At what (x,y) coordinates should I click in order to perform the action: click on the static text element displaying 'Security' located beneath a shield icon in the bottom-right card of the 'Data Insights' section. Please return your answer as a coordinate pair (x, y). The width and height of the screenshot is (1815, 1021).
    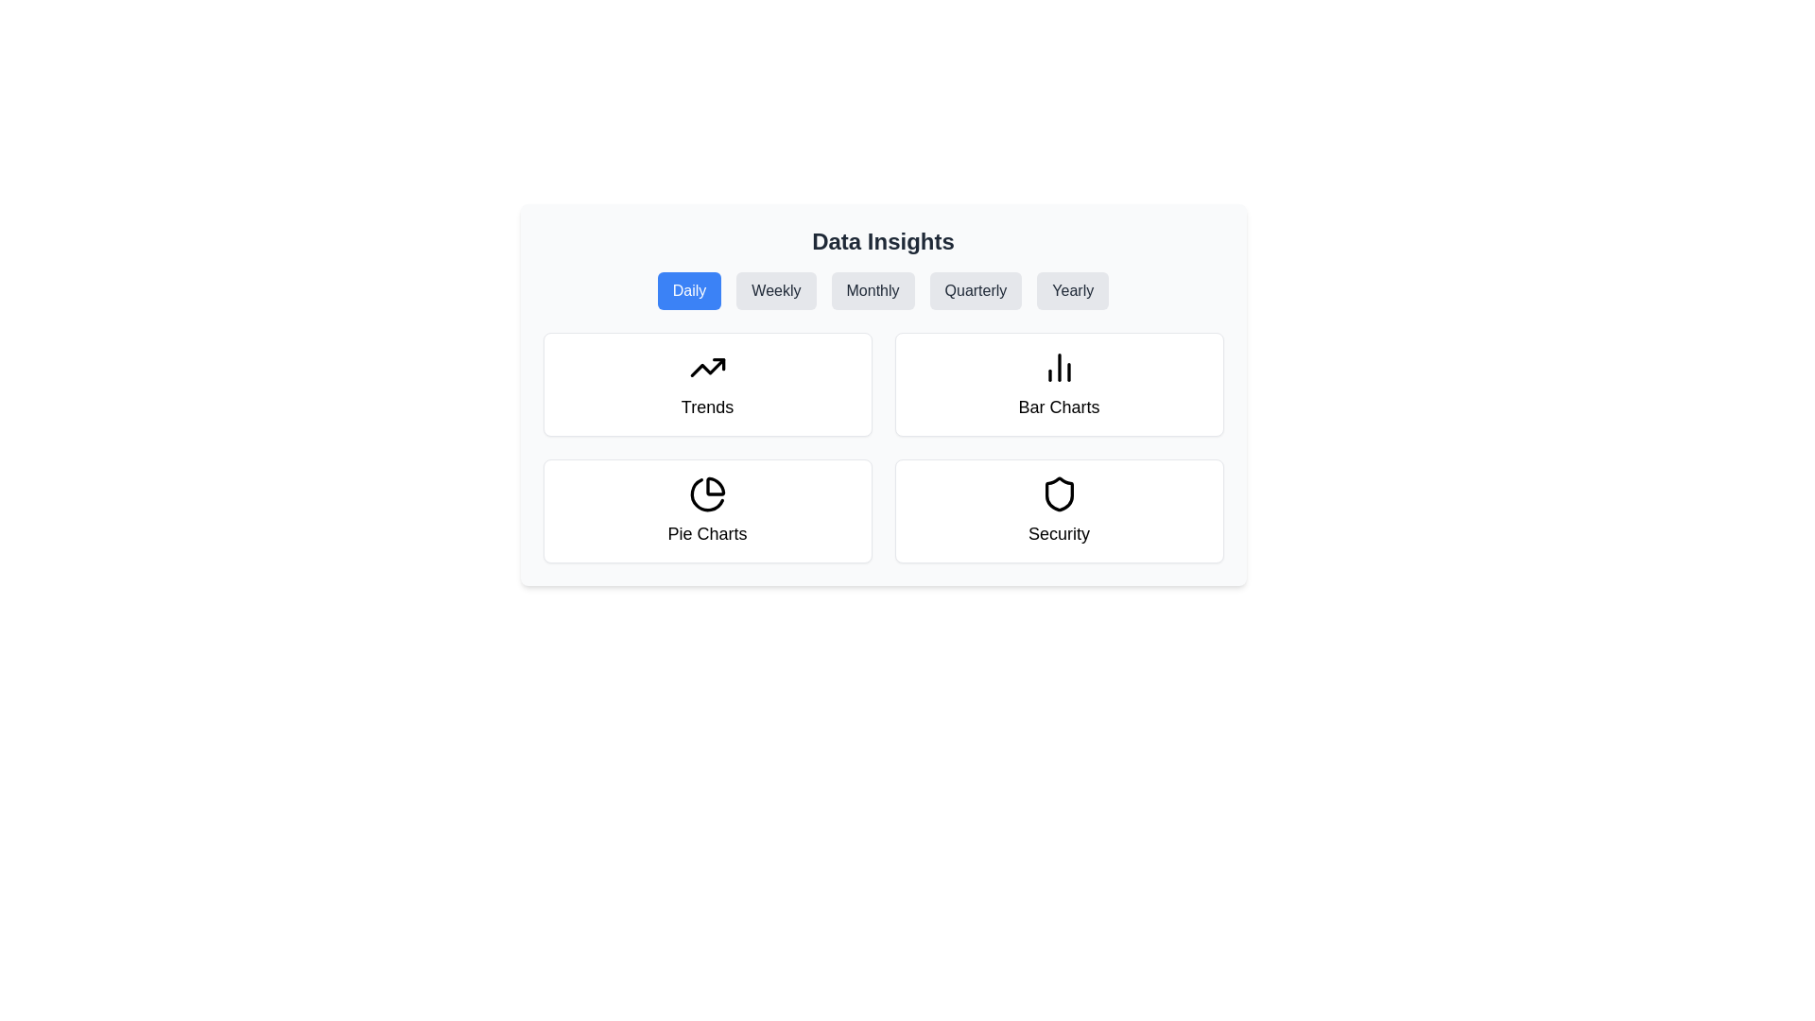
    Looking at the image, I should click on (1059, 533).